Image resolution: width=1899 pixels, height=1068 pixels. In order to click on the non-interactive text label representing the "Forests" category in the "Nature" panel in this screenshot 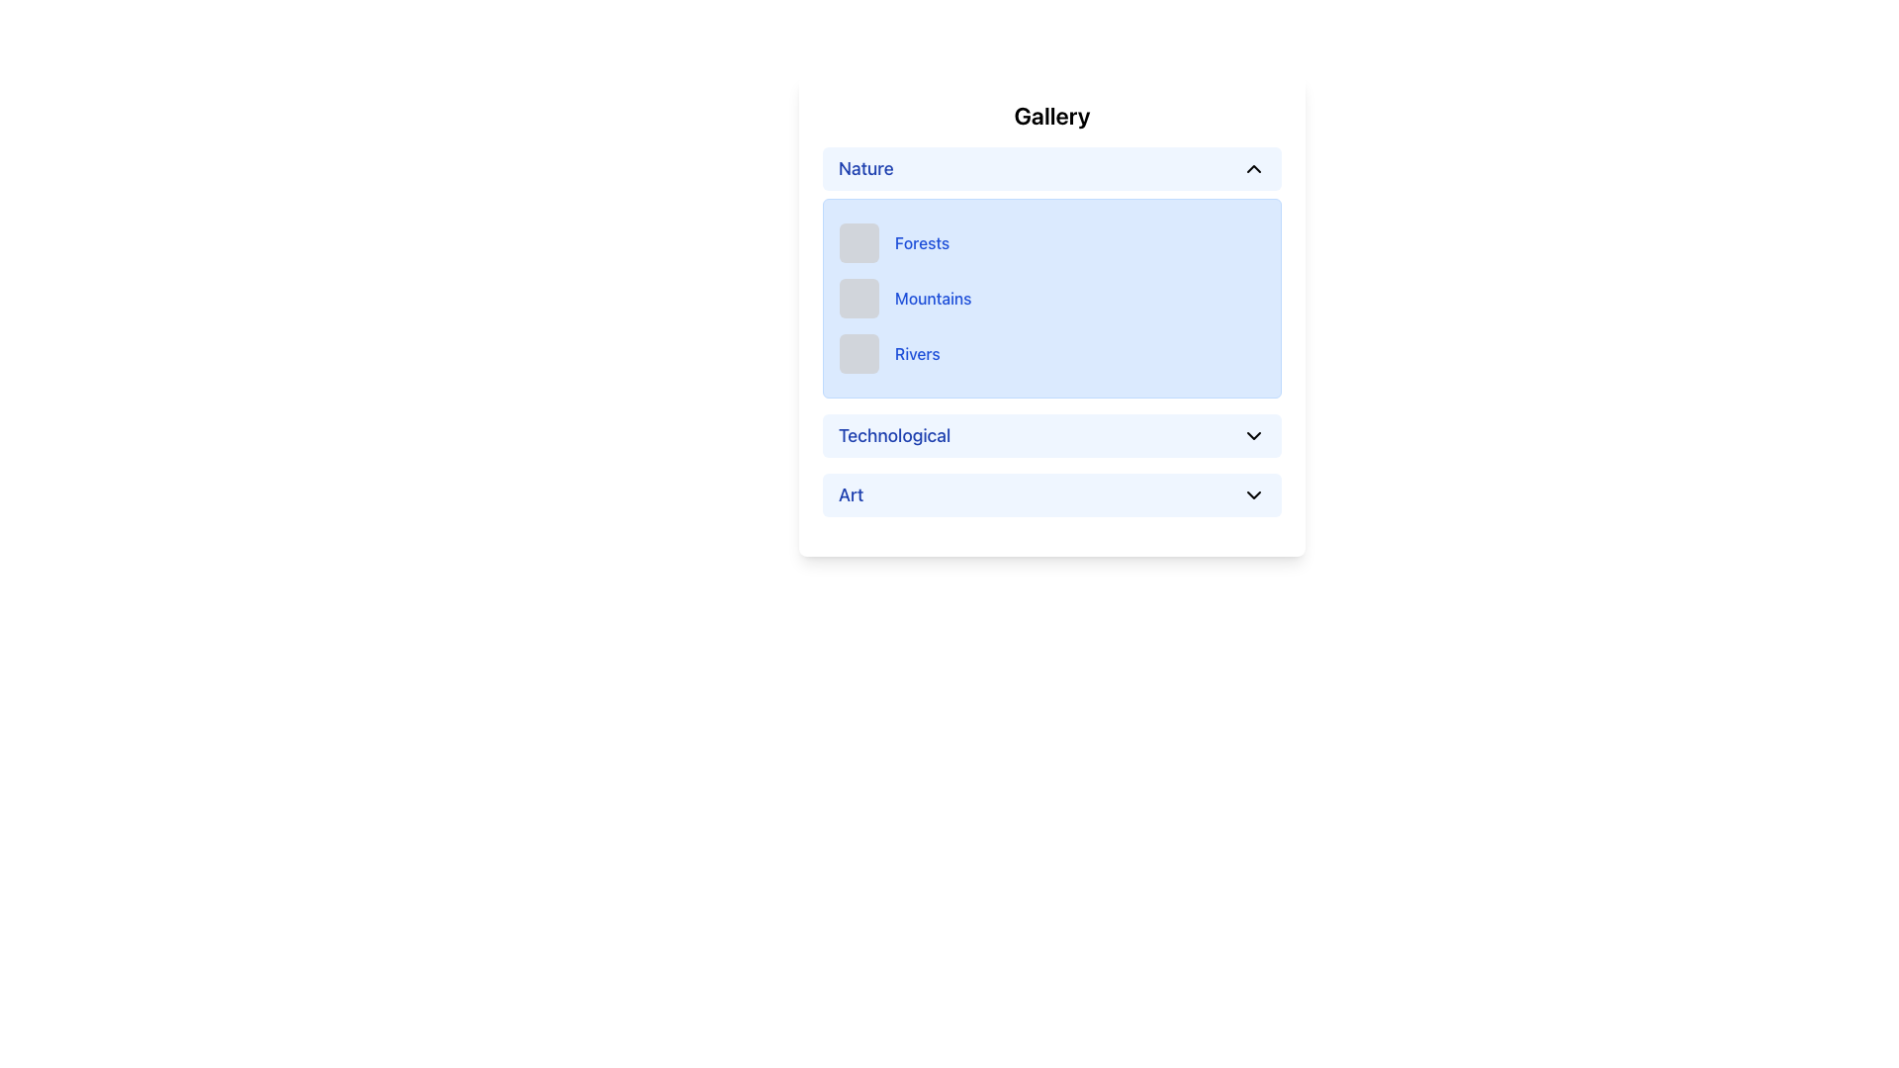, I will do `click(921, 242)`.